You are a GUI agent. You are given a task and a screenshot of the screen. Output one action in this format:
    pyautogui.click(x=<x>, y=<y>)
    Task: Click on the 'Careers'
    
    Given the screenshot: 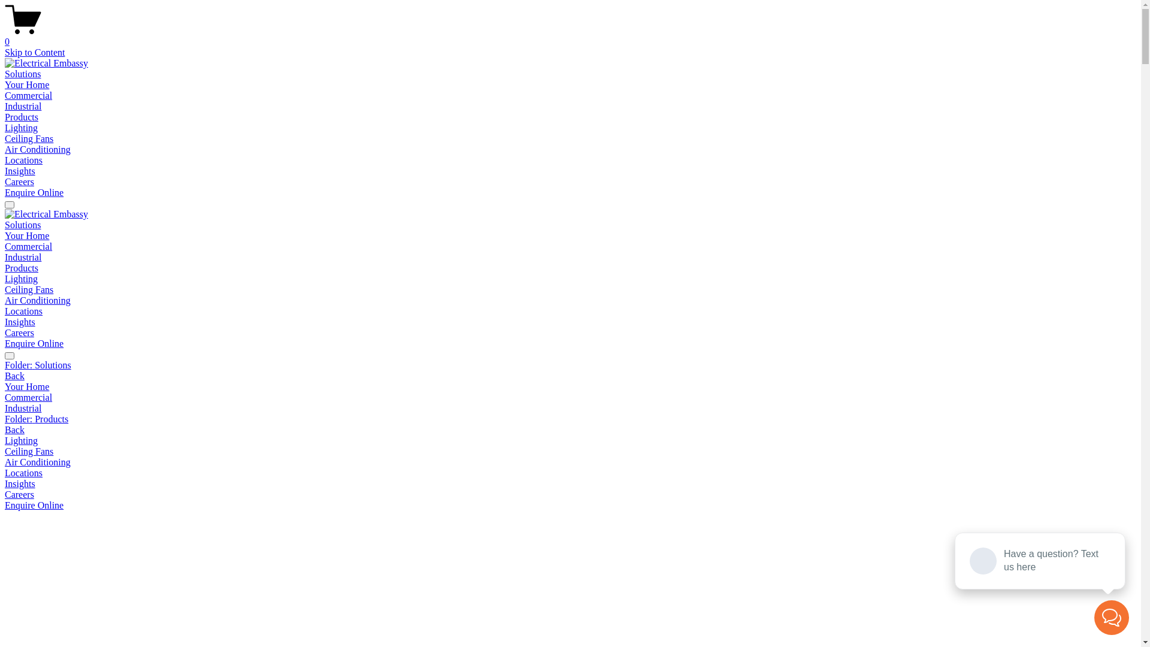 What is the action you would take?
    pyautogui.click(x=19, y=494)
    